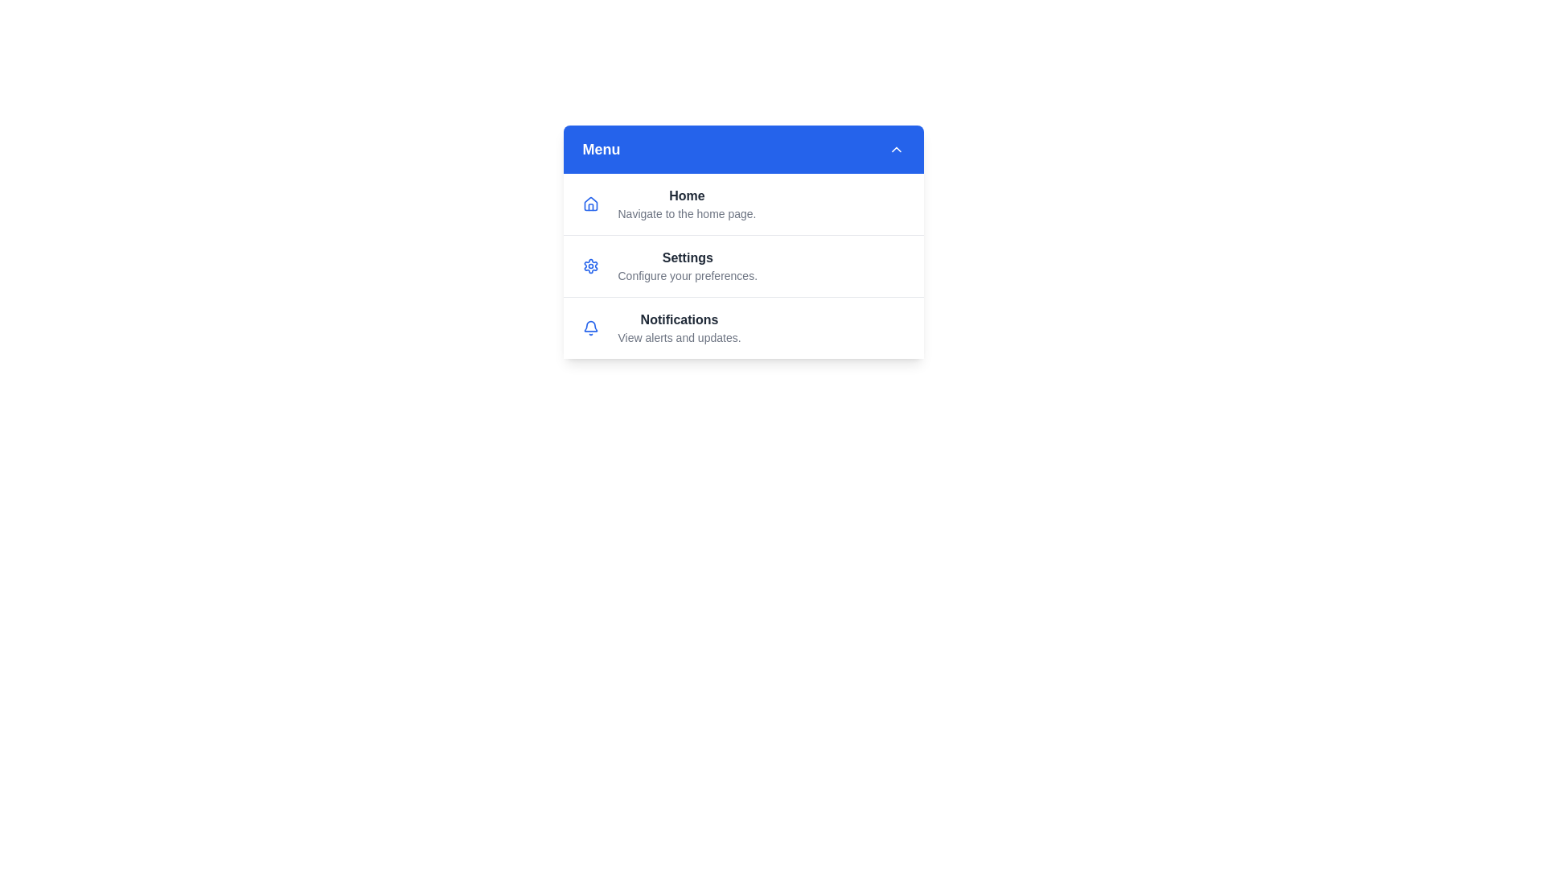  What do you see at coordinates (742, 327) in the screenshot?
I see `the menu item Notifications from the visible menu options` at bounding box center [742, 327].